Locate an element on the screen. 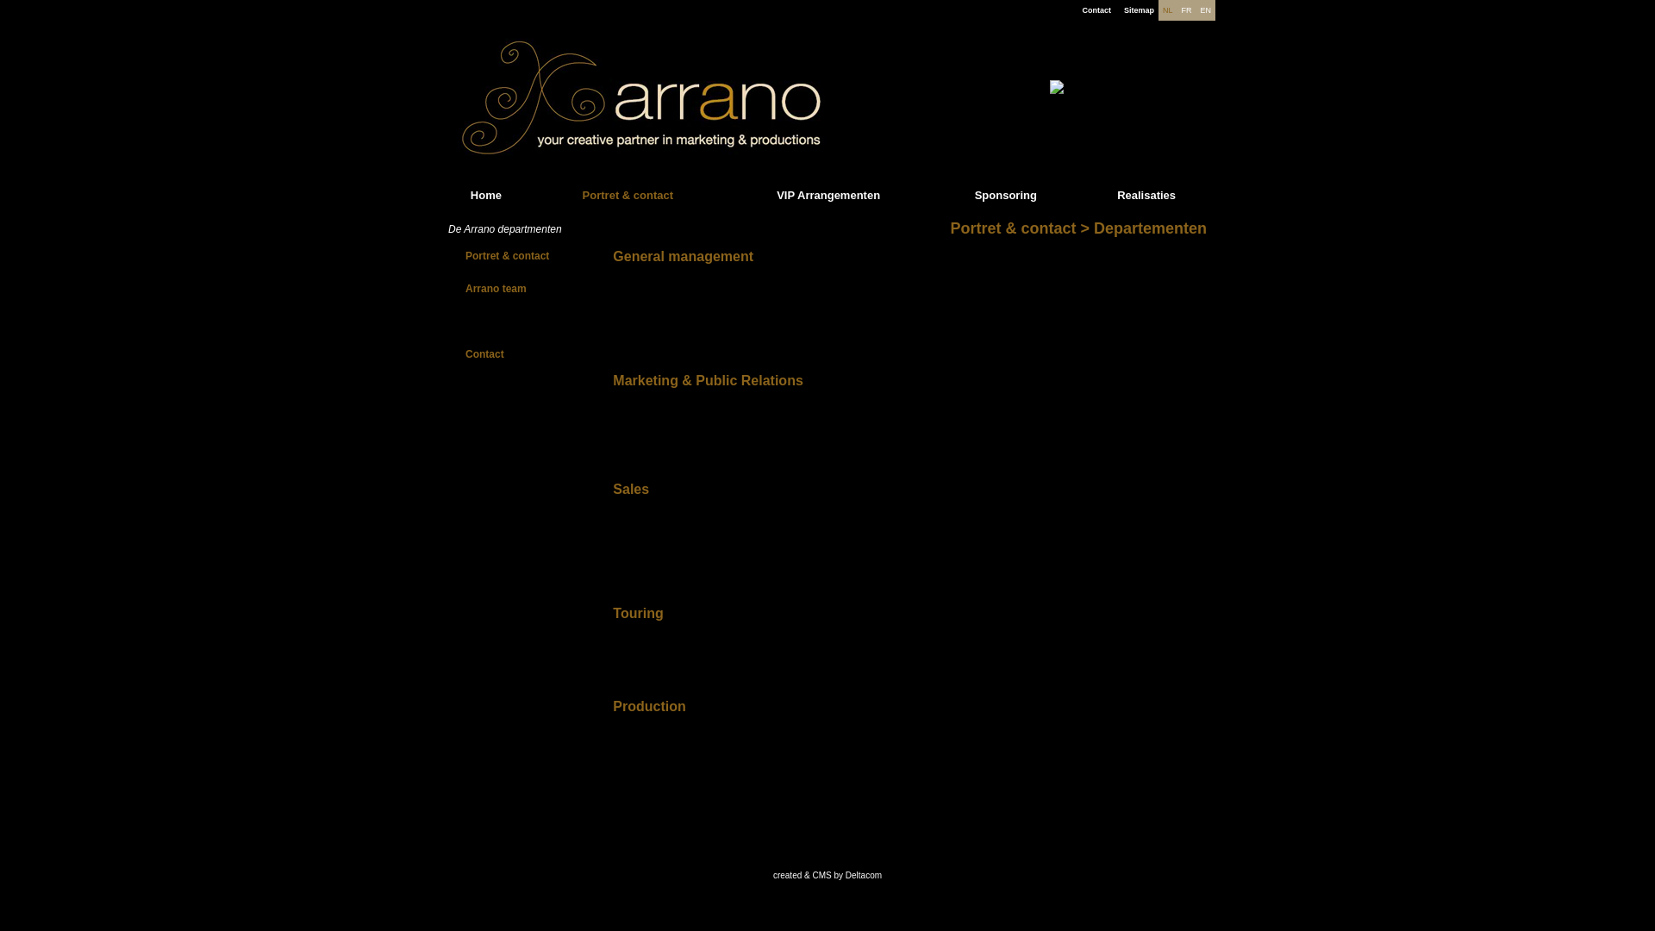 The width and height of the screenshot is (1655, 931). 'Arrano team' is located at coordinates (465, 288).